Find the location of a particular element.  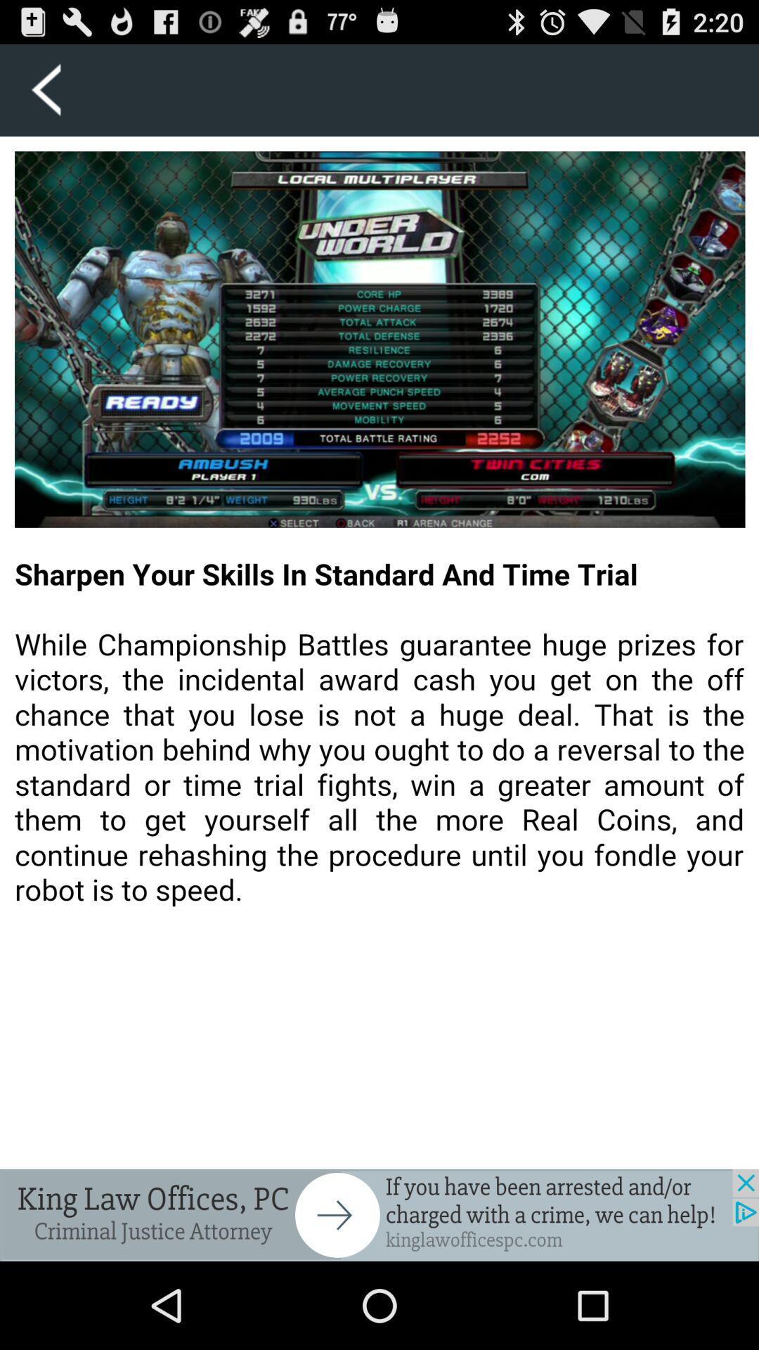

the setting box is located at coordinates (45, 89).